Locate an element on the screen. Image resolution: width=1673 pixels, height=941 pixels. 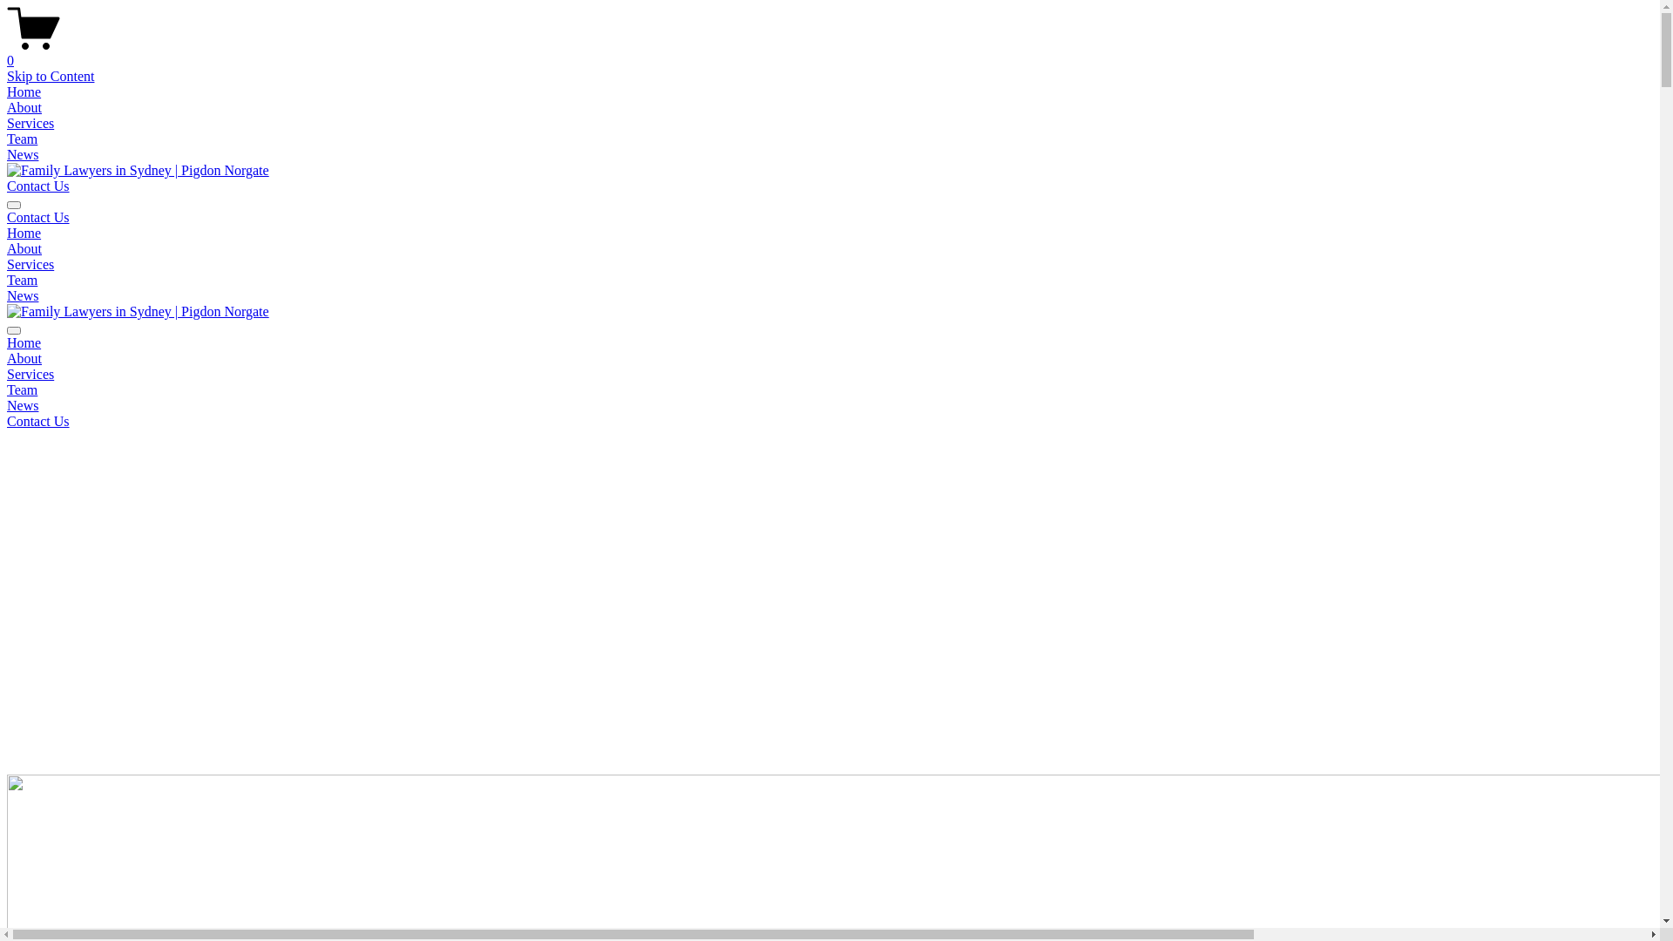
'Skip to Content' is located at coordinates (7, 75).